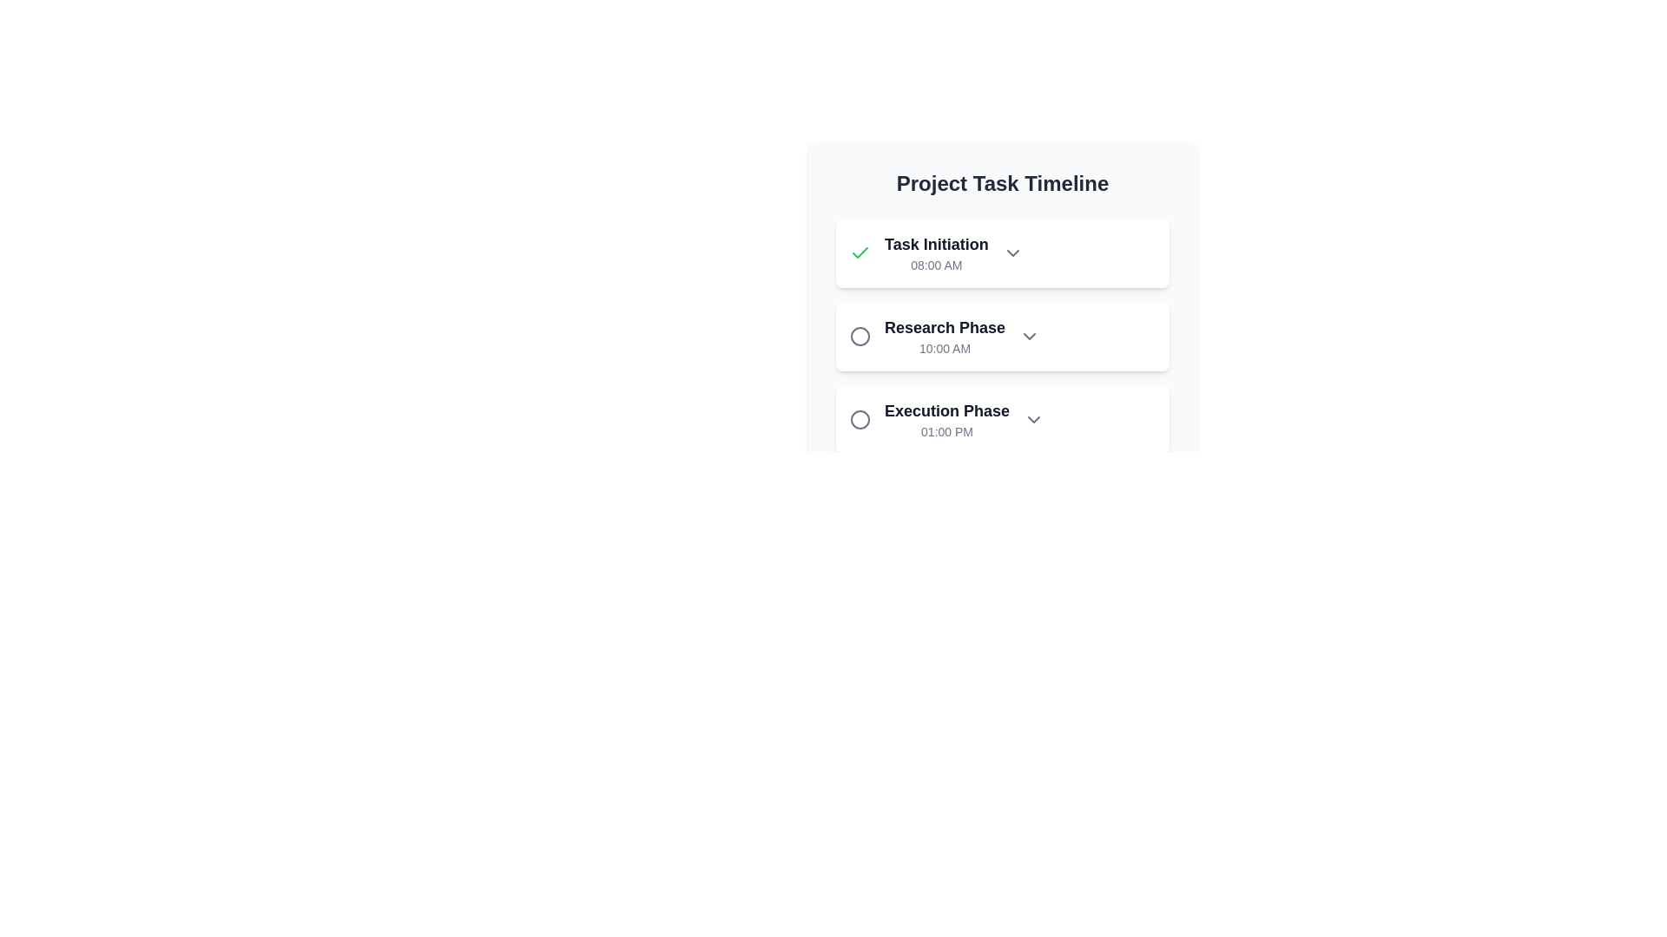 The width and height of the screenshot is (1667, 937). I want to click on the 'Execution Phase' text label set, which is the third entry, so click(946, 419).